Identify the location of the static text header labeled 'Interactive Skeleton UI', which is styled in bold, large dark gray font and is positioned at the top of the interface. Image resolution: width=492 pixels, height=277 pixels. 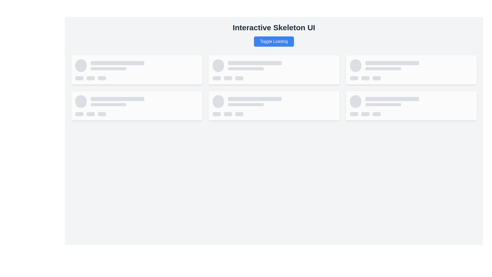
(274, 28).